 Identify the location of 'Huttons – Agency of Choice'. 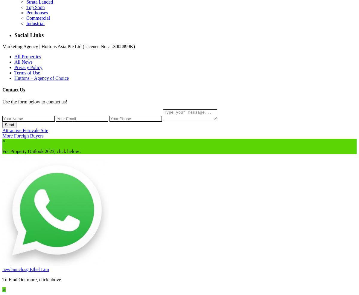
(41, 78).